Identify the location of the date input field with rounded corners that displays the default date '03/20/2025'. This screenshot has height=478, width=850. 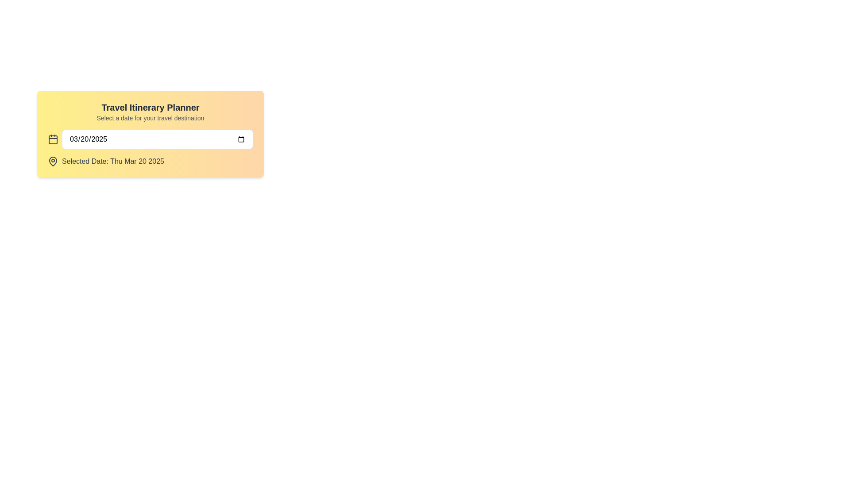
(157, 139).